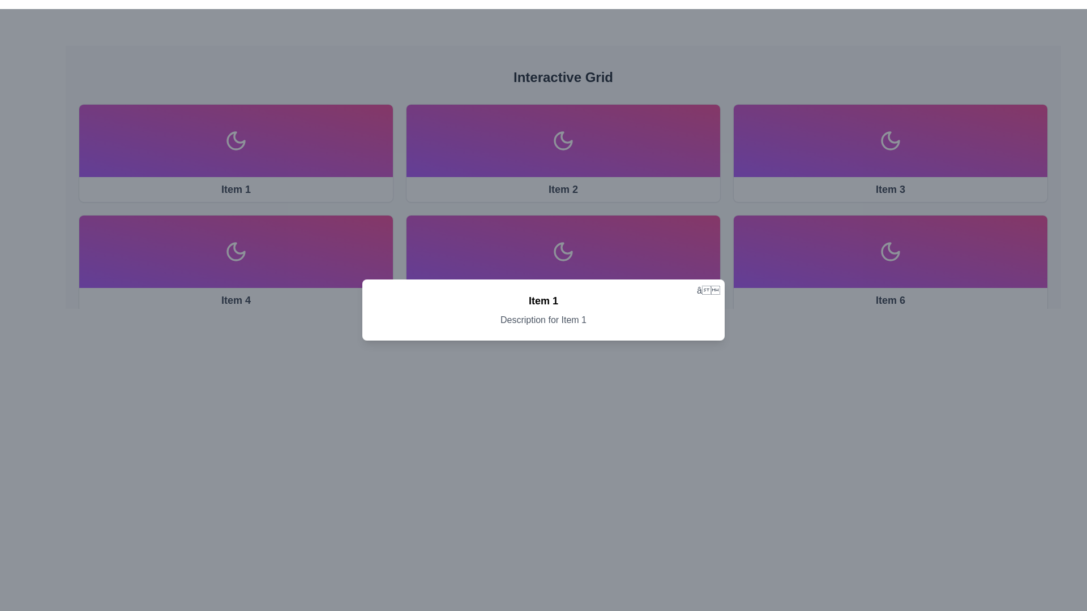  Describe the element at coordinates (890, 140) in the screenshot. I see `the crescent moon icon located on the third card in the top row of the grid, which is rendered in white and resides within a purple to pink gradient card` at that location.